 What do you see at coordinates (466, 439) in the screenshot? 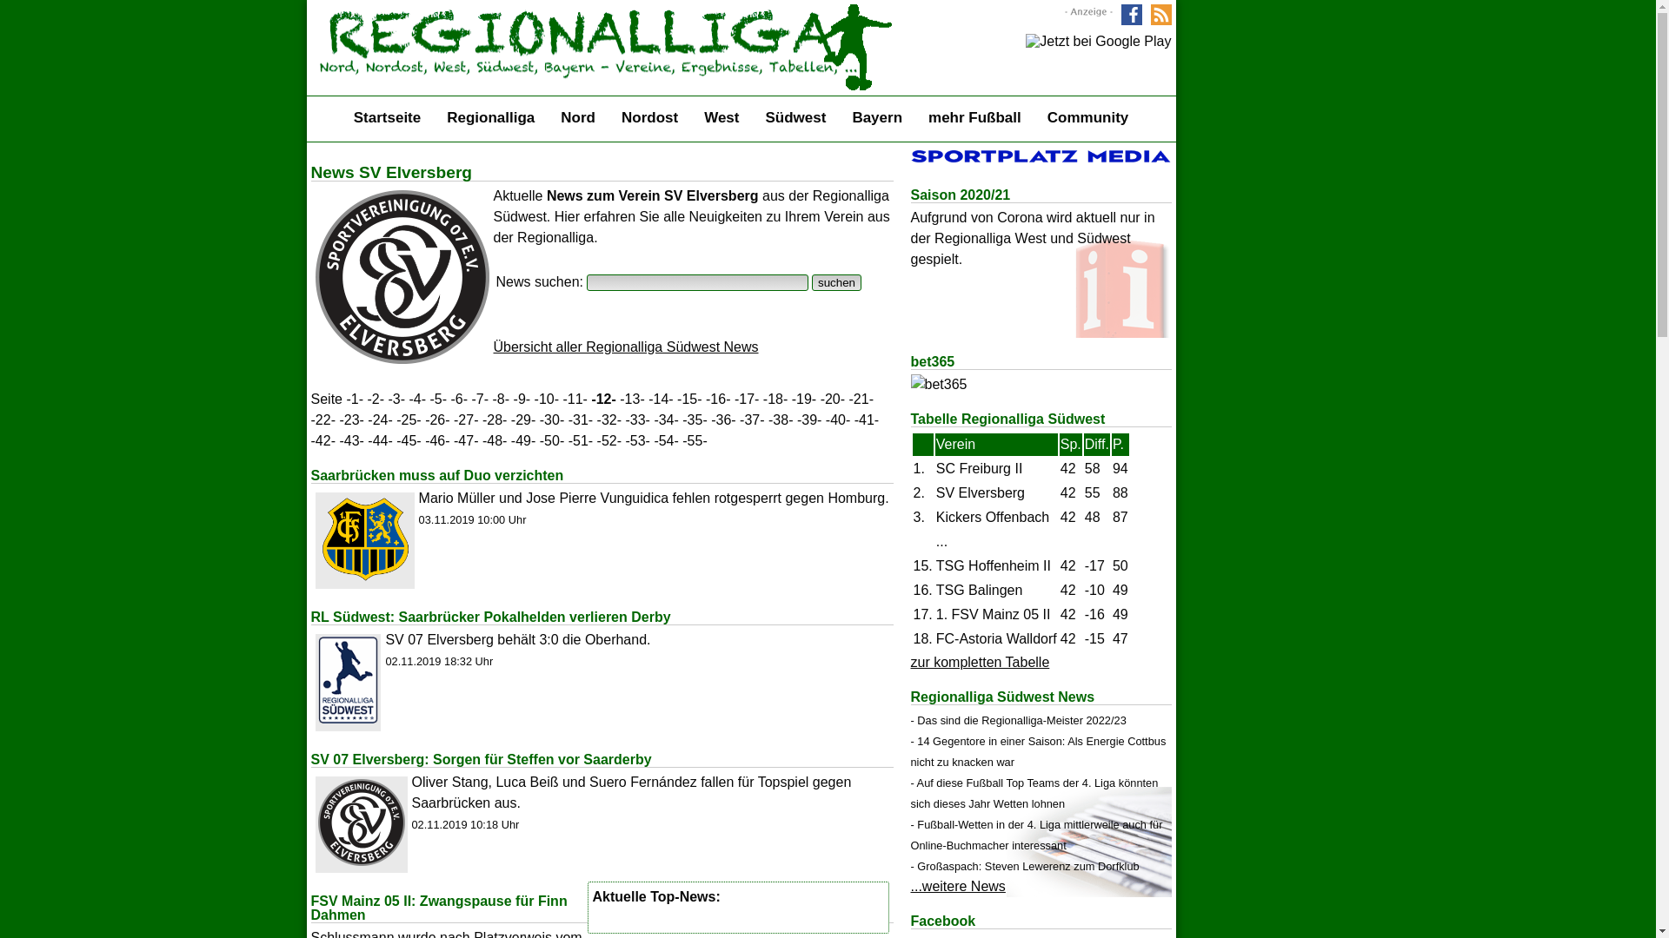
I see `'-47-'` at bounding box center [466, 439].